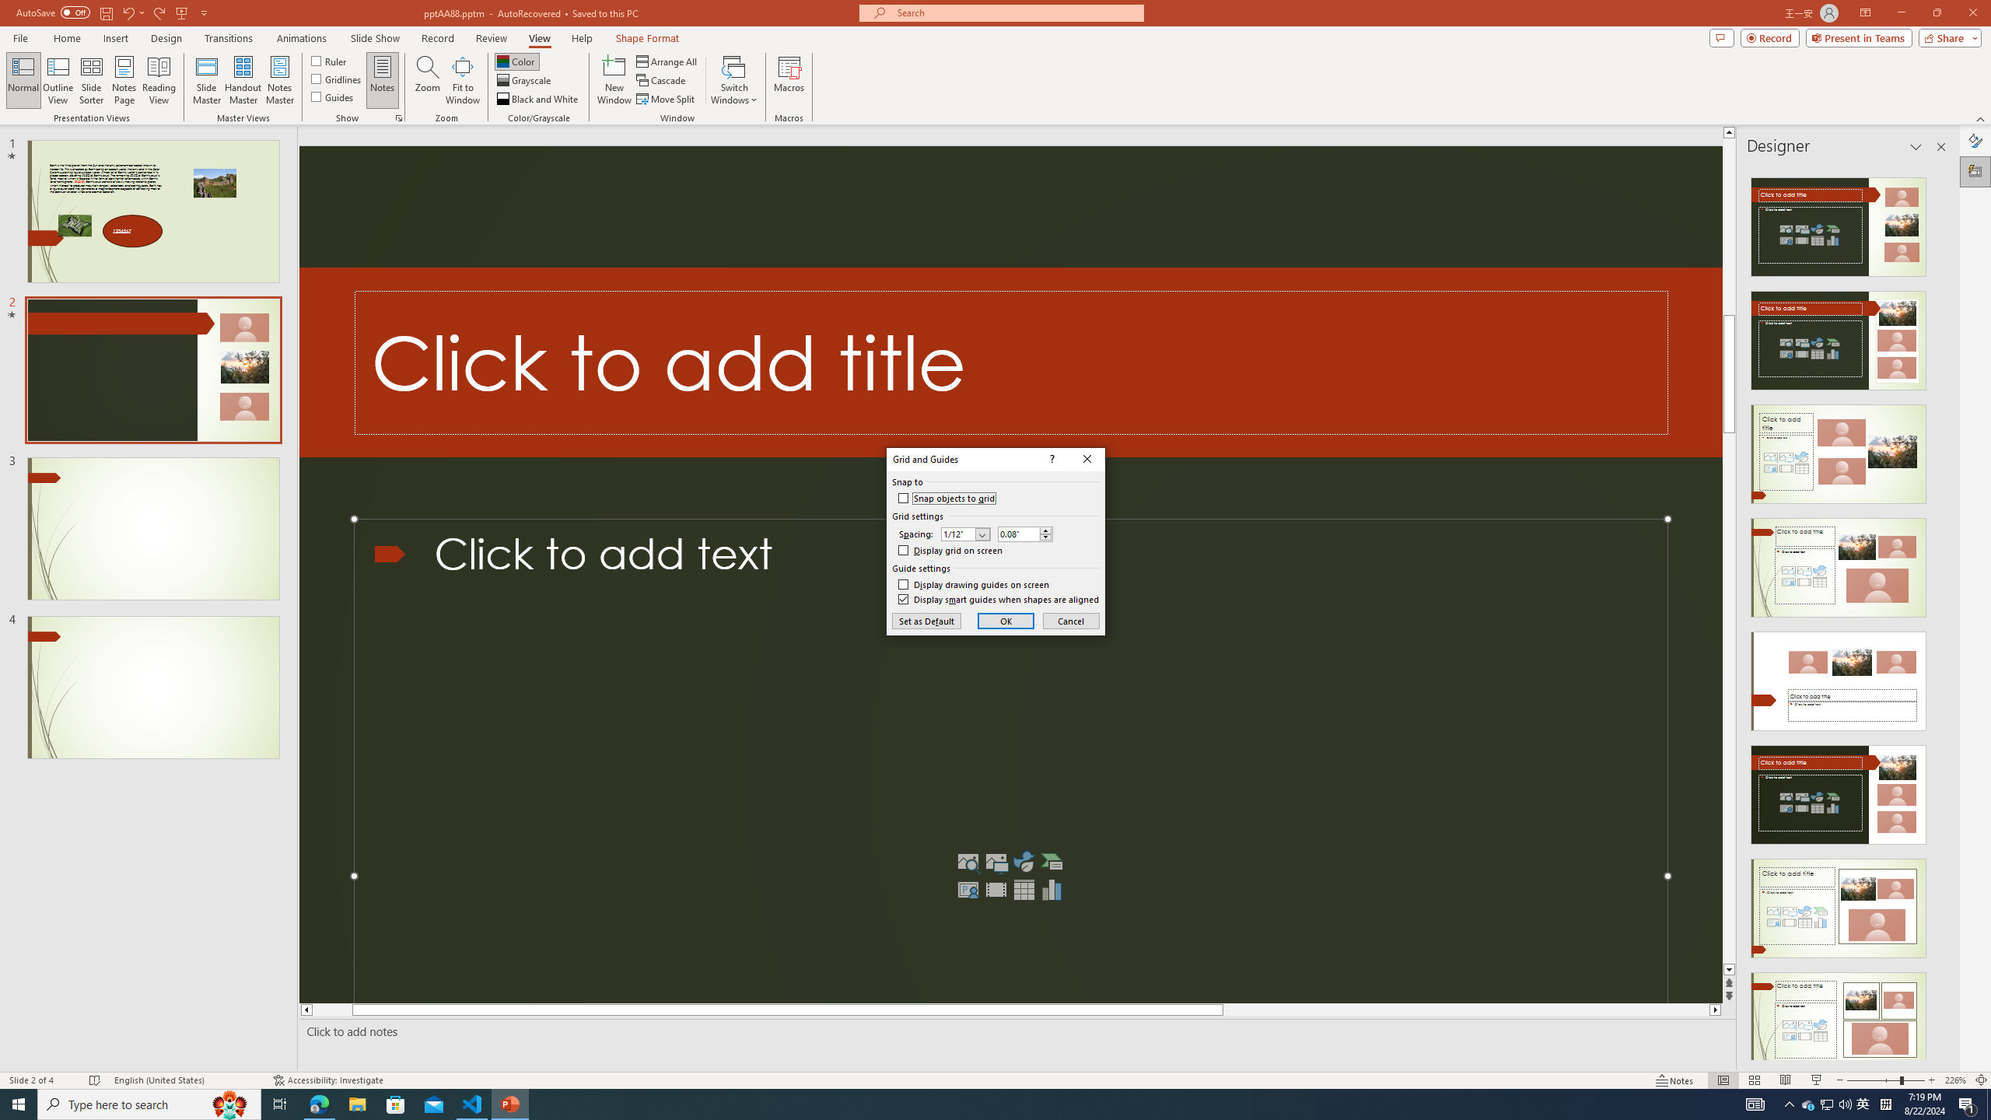 The image size is (1991, 1120). Describe the element at coordinates (1968, 1103) in the screenshot. I see `'Action Center, 1 new notification'` at that location.